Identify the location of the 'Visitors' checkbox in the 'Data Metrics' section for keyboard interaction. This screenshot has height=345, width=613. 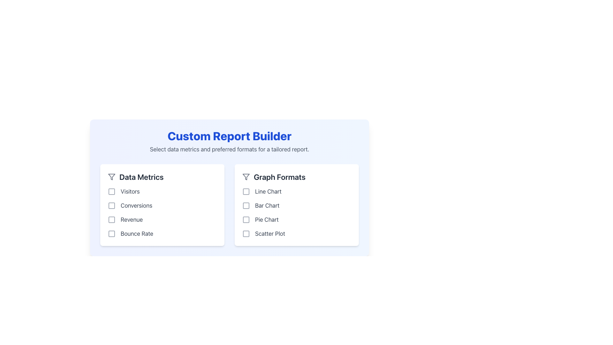
(112, 191).